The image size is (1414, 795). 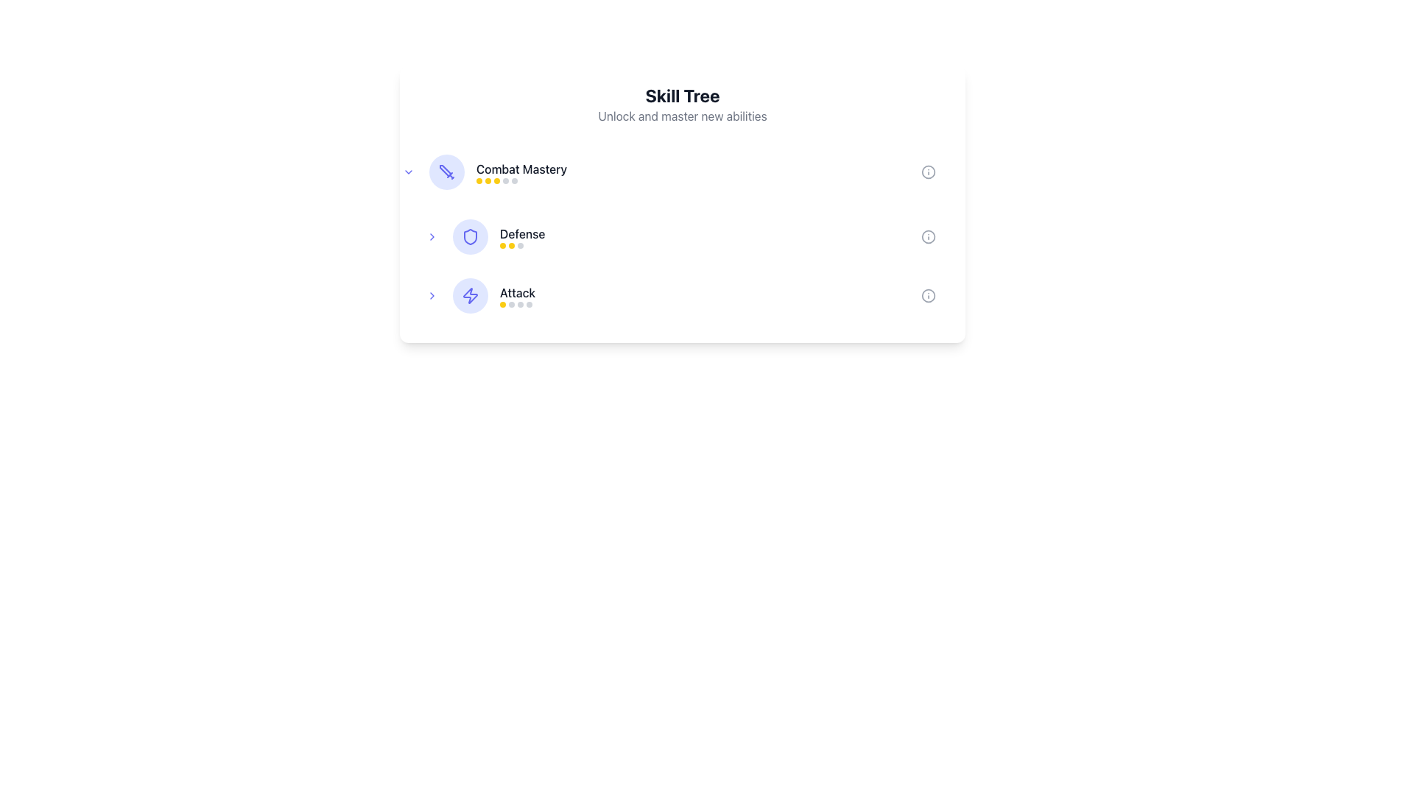 I want to click on the 'Defense' skill category item in the skill tree interface, so click(x=681, y=236).